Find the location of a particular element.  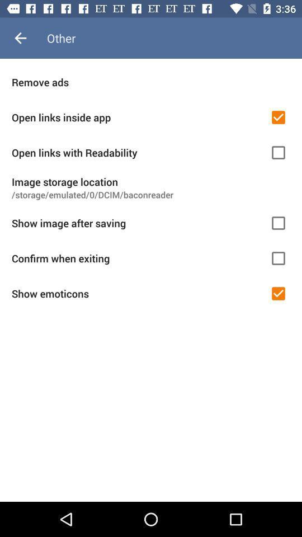

remove ads is located at coordinates (151, 81).